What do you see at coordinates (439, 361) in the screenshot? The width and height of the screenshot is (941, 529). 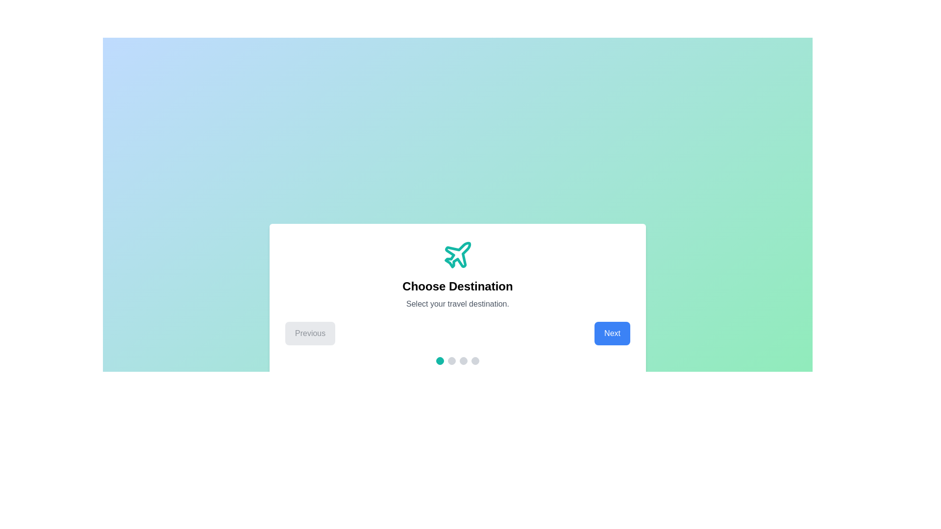 I see `the progress indicator for step 1` at bounding box center [439, 361].